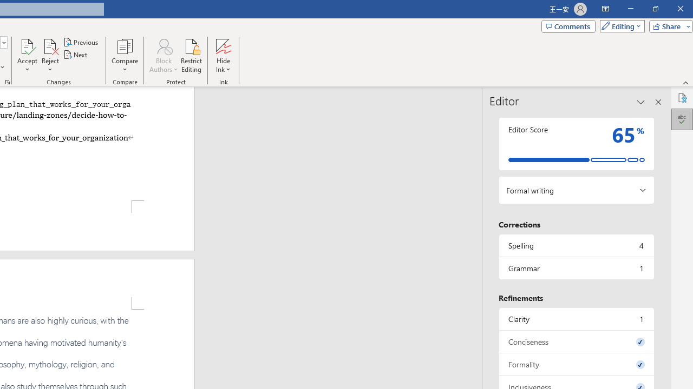 The height and width of the screenshot is (389, 693). I want to click on 'Compare', so click(125, 56).